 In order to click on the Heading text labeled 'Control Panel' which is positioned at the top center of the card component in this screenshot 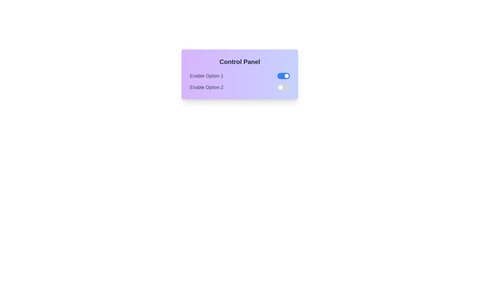, I will do `click(240, 62)`.